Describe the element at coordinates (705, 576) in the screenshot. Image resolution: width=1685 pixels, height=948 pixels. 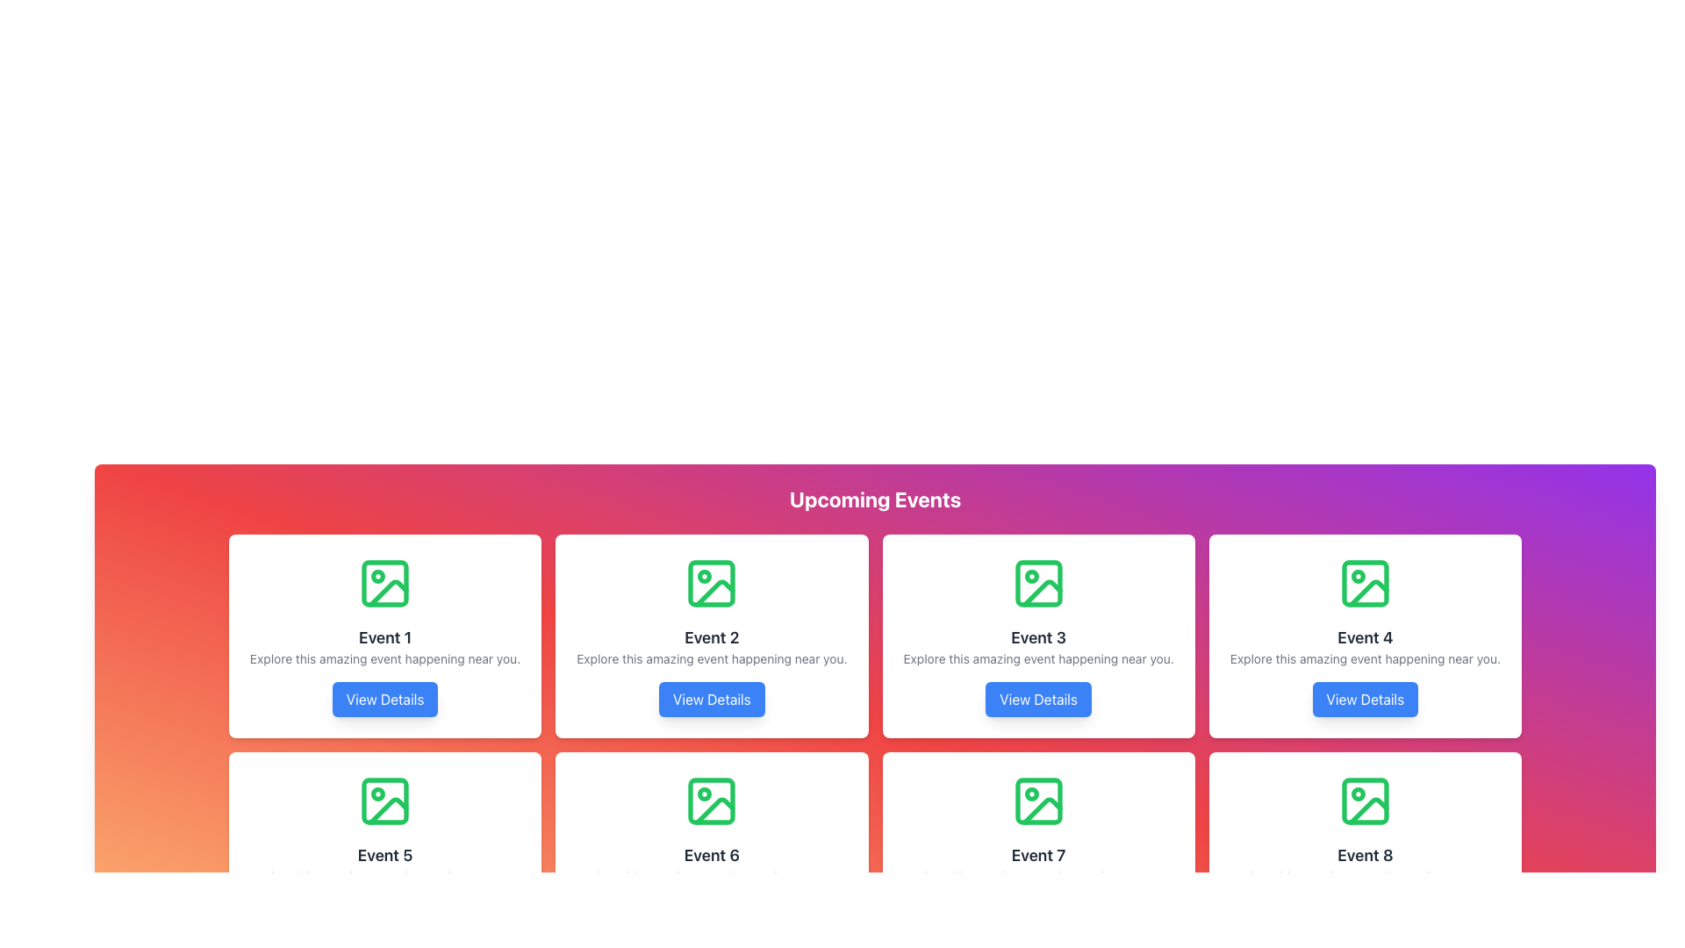
I see `the small circular dot feature within the SVG icon of the 'Event 2' card, which has a green outline and is located near the top-left corner of the icon` at that location.